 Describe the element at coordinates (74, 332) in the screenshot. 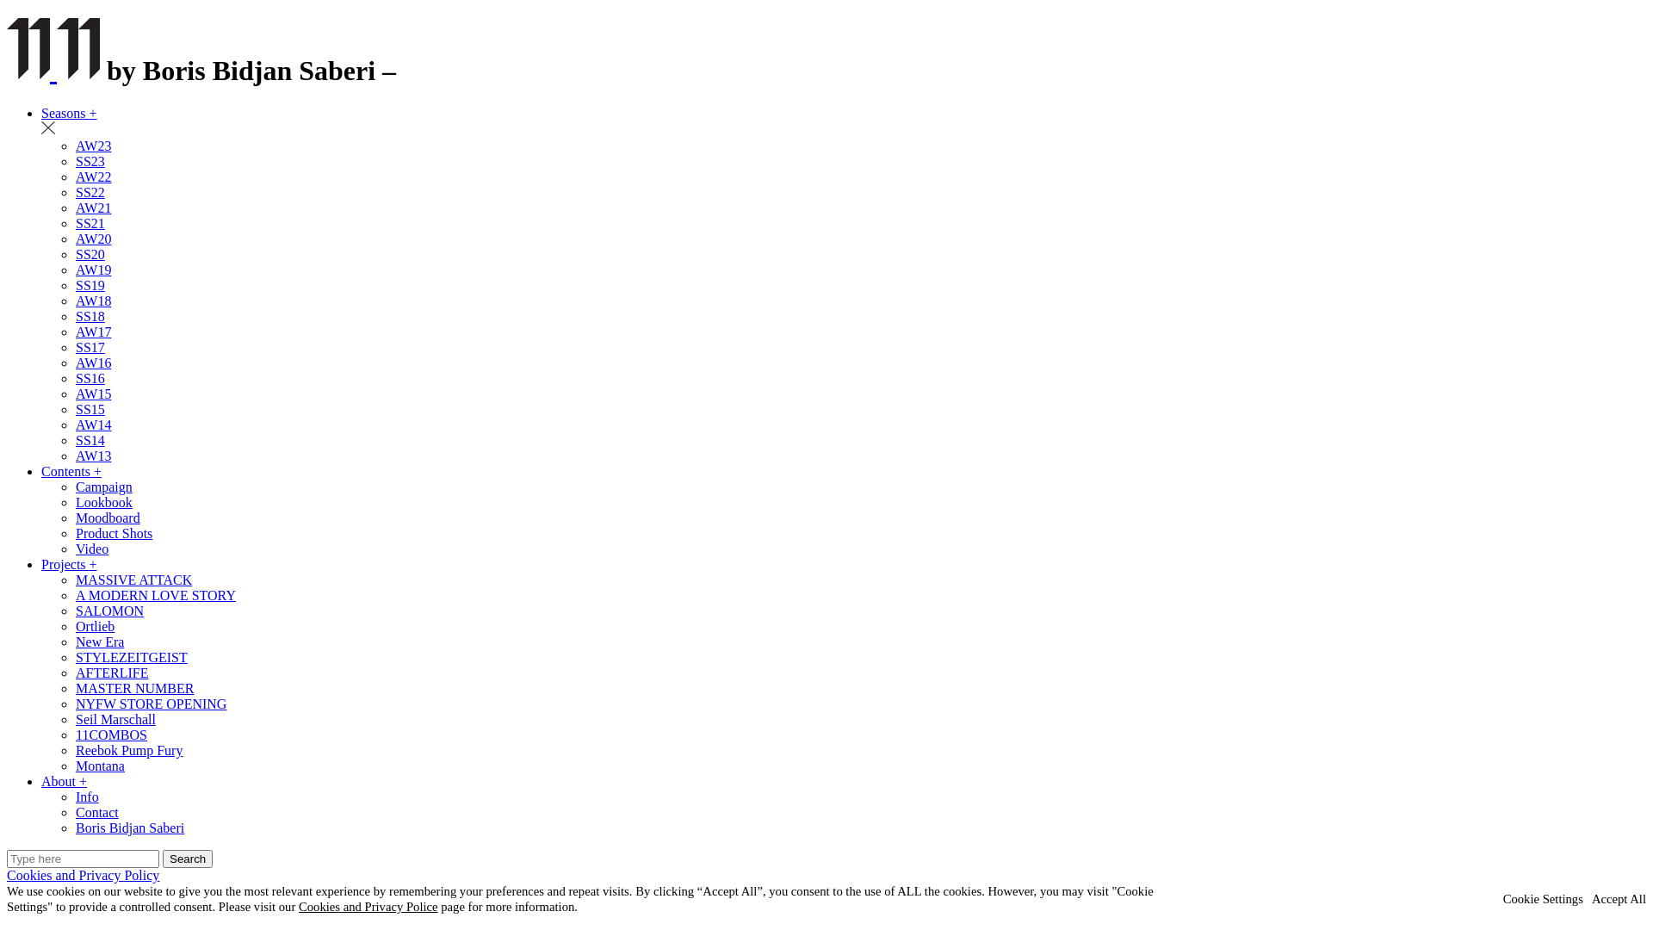

I see `'AW17'` at that location.